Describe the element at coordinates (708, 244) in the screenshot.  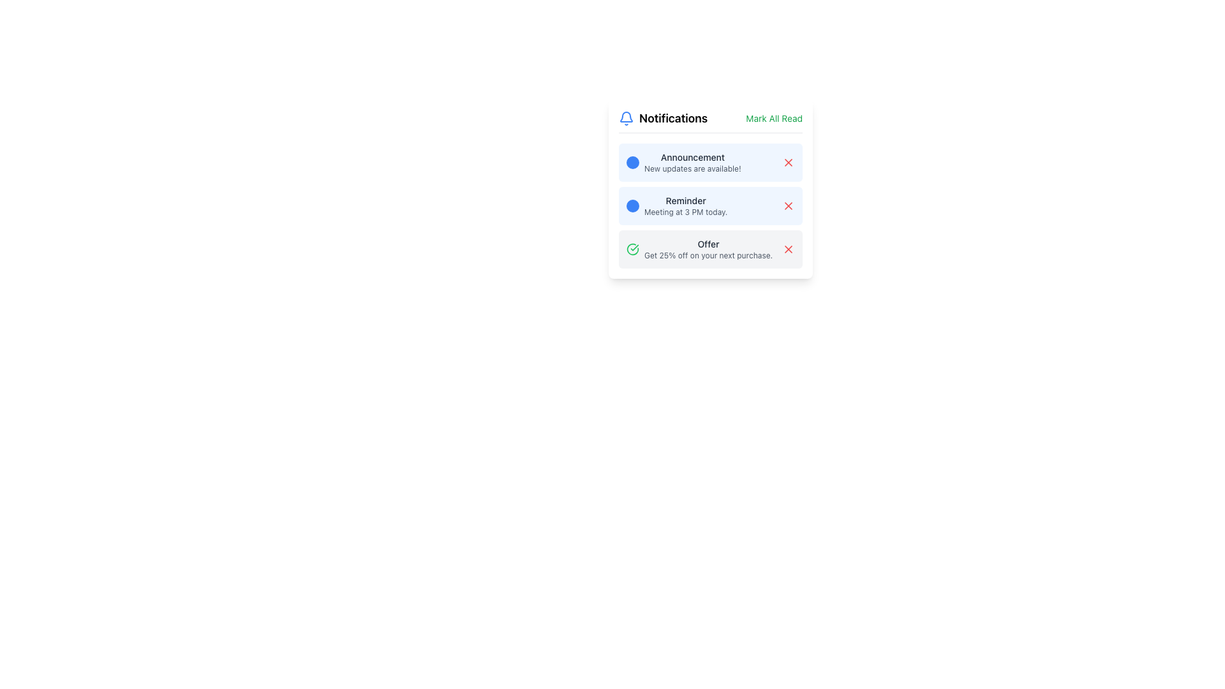
I see `the 'Offer' label located in the bottom section of the notification card, positioned above the description text 'Get 25% off on your next purchase.'` at that location.